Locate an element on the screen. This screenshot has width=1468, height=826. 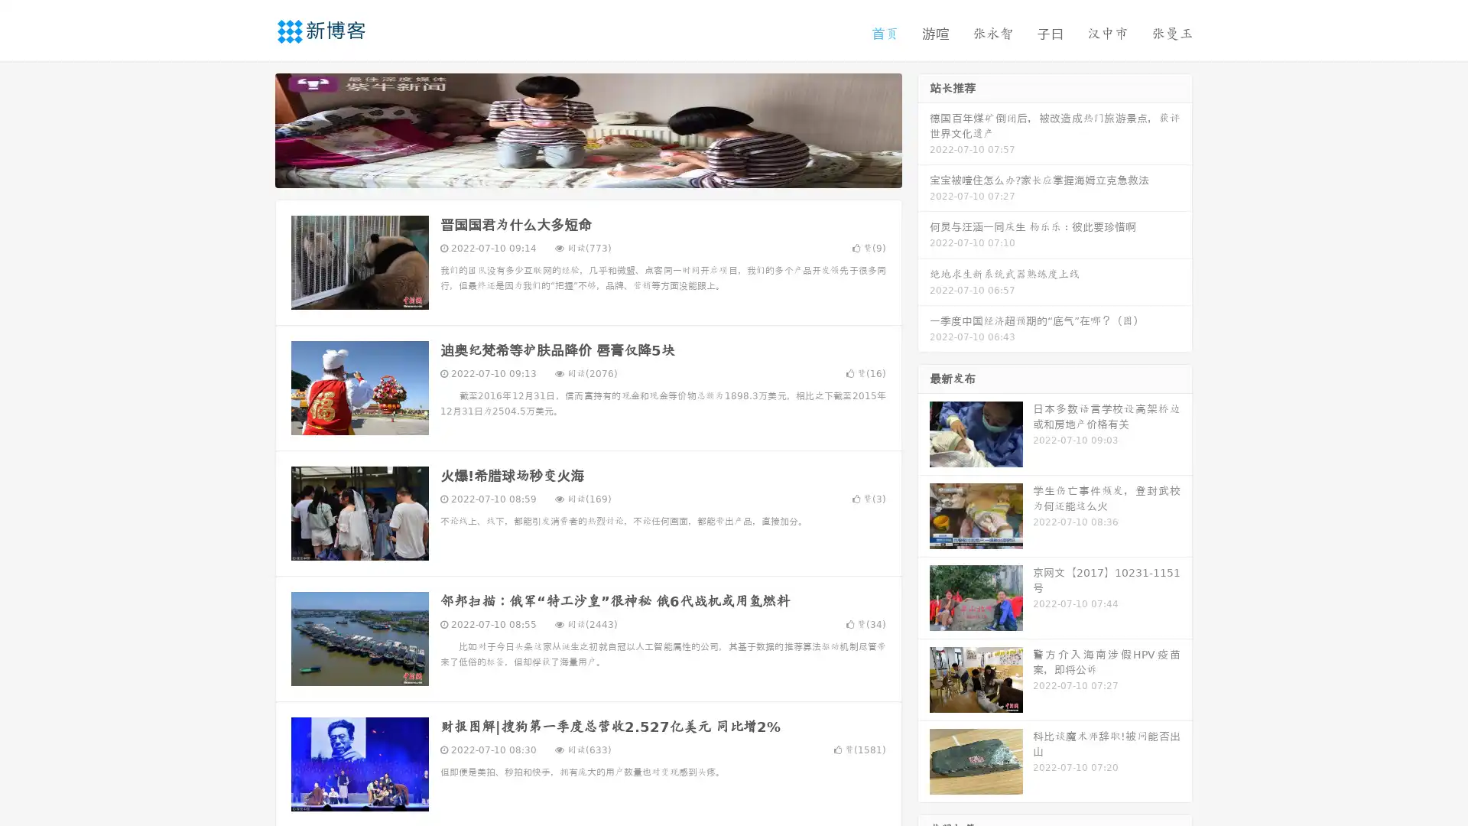
Go to slide 1 is located at coordinates (572, 172).